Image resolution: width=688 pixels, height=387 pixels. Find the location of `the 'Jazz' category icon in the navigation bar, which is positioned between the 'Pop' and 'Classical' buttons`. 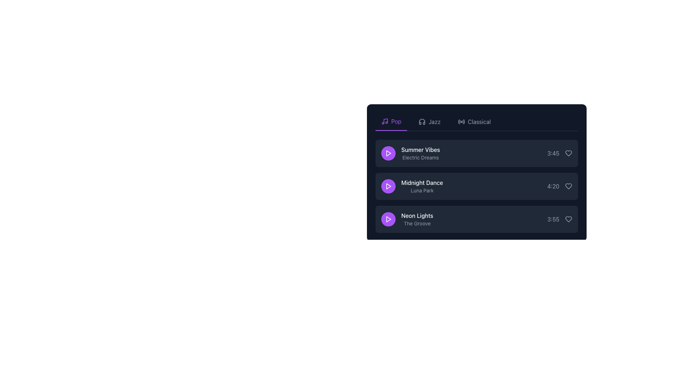

the 'Jazz' category icon in the navigation bar, which is positioned between the 'Pop' and 'Classical' buttons is located at coordinates (422, 121).